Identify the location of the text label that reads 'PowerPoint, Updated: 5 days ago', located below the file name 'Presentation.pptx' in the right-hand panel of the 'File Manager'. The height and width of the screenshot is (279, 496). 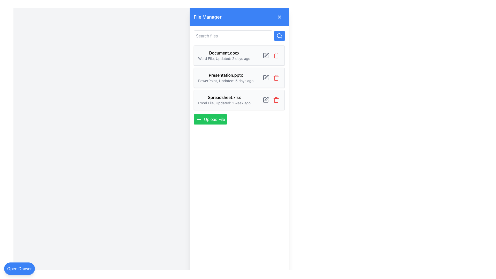
(226, 81).